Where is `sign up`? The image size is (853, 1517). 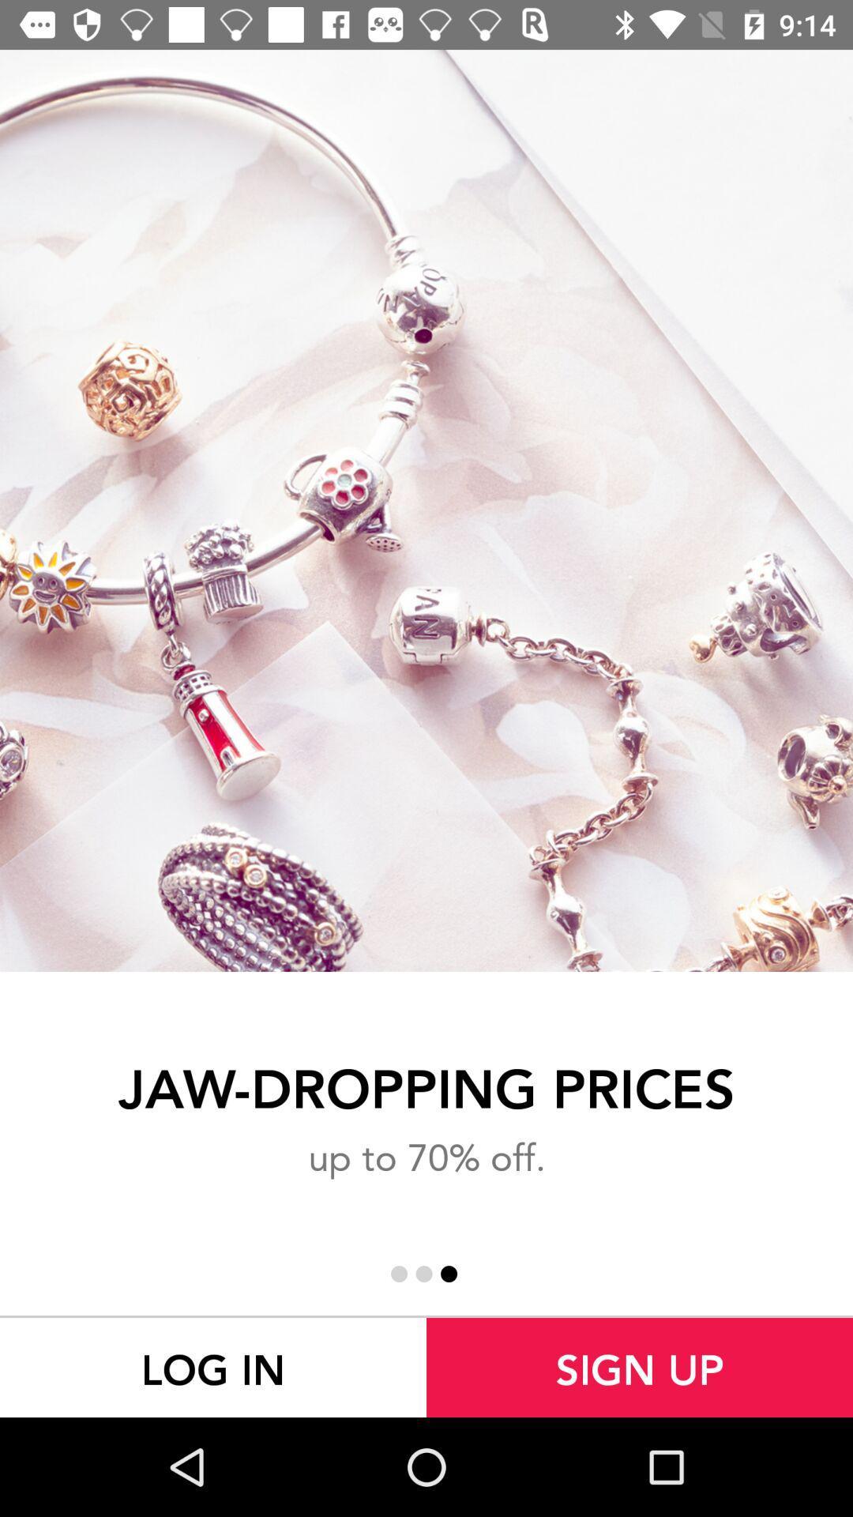
sign up is located at coordinates (640, 1367).